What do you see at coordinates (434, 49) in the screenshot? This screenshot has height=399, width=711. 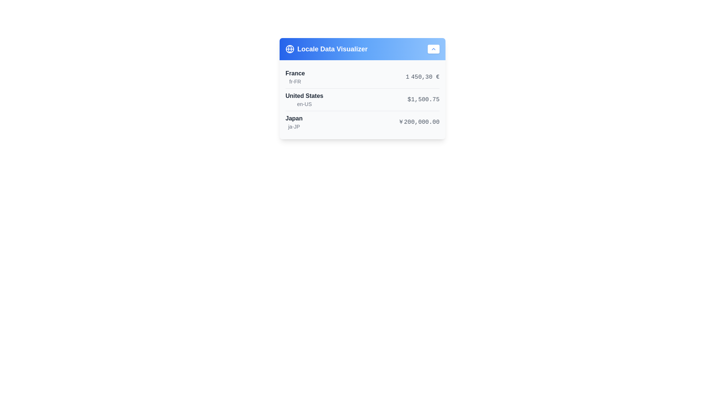 I see `the small chevron-up icon located in the top-right corner of the blue title bar labeled 'Locale Data Visualizer'` at bounding box center [434, 49].